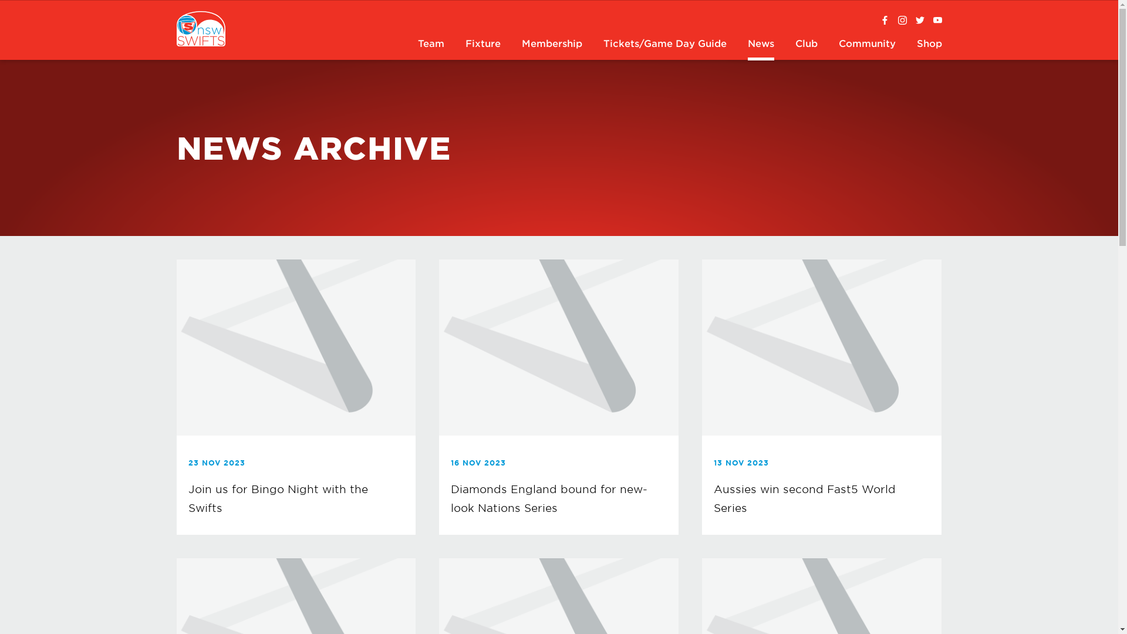  Describe the element at coordinates (664, 44) in the screenshot. I see `'Tickets/Game Day Guide'` at that location.